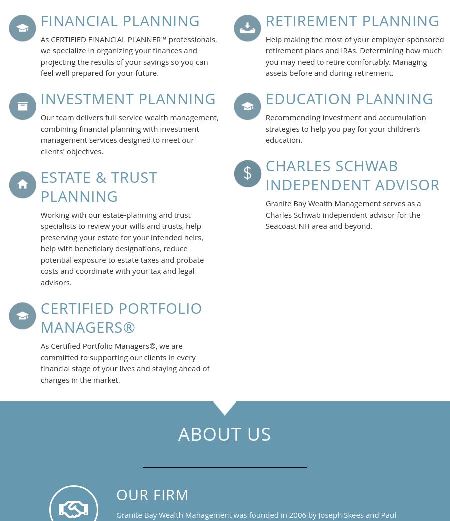  I want to click on 'Our team delivers full-service wealth management, combining financial planning with investment management services designed to meet our clients' objectives.', so click(129, 134).